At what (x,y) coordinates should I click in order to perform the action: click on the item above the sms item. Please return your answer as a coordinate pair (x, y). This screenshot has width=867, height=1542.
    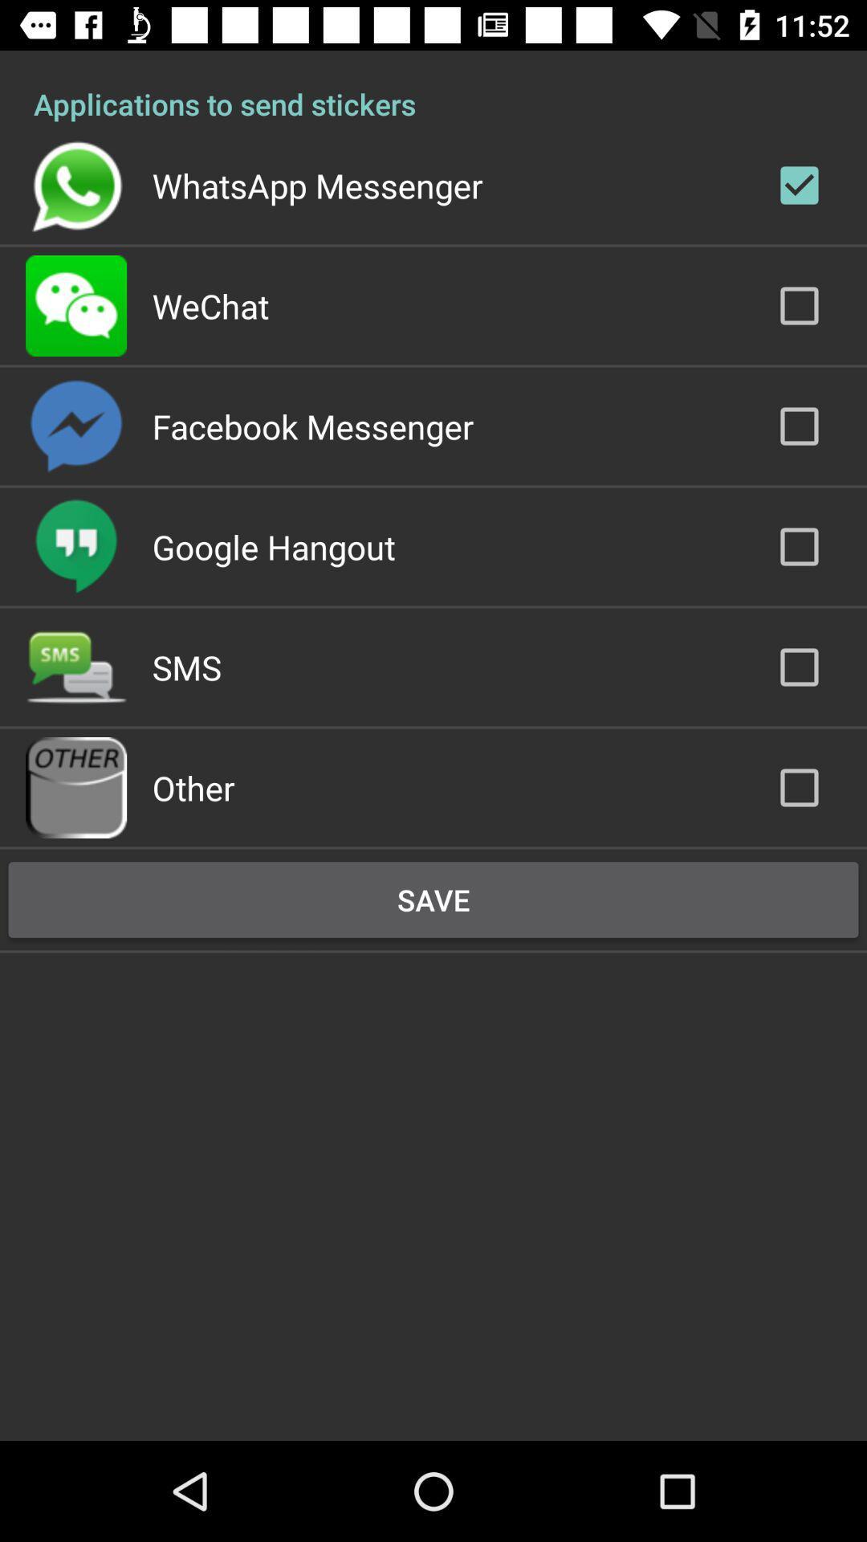
    Looking at the image, I should click on (273, 547).